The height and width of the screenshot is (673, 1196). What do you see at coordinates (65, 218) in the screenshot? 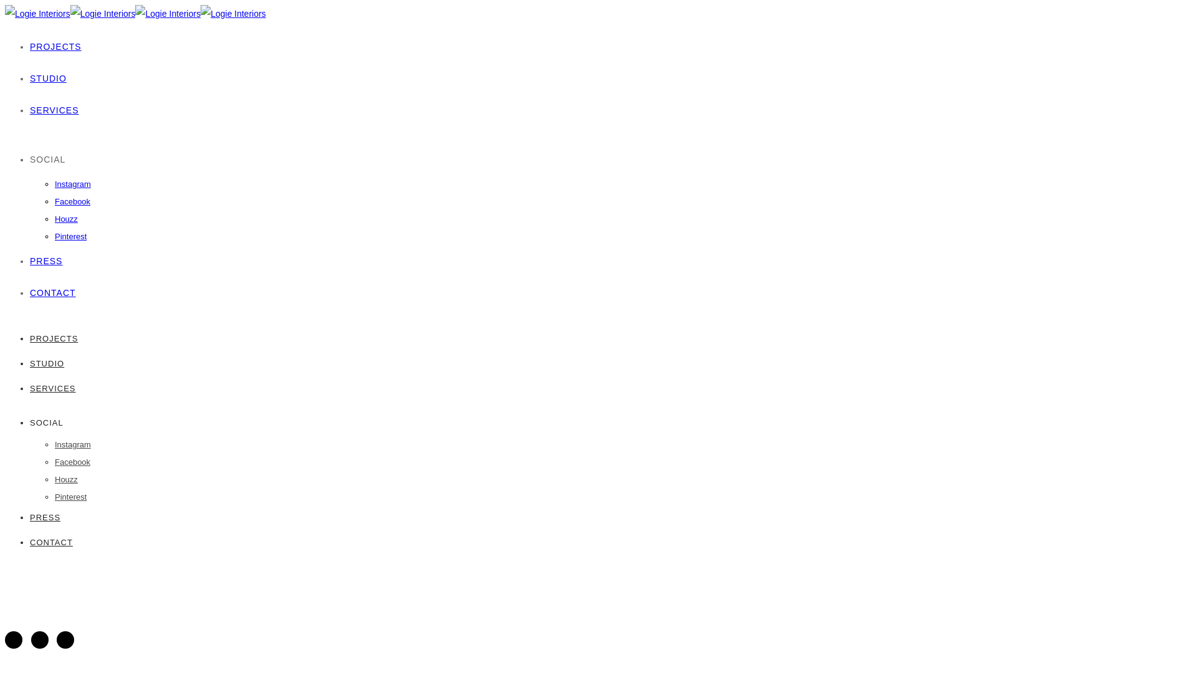
I see `'Houzz'` at bounding box center [65, 218].